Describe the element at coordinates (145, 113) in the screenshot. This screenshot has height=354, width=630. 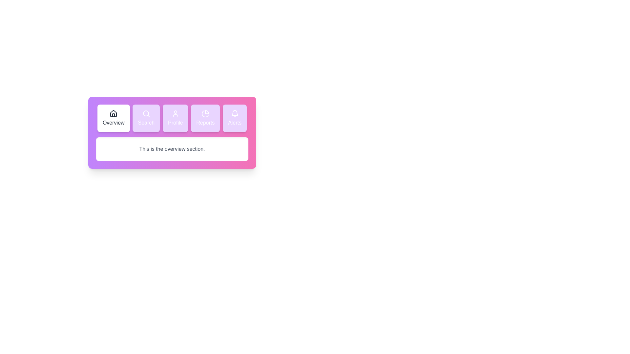
I see `the circular part of the 'Search' icon, which is the second button from the left in a horizontal menu bar with five buttons` at that location.